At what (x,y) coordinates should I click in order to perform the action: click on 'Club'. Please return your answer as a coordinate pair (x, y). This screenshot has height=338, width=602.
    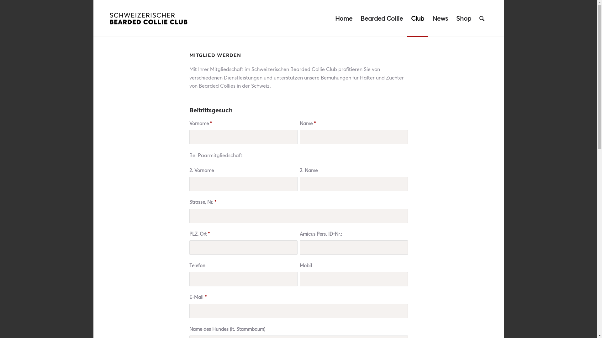
    Looking at the image, I should click on (417, 18).